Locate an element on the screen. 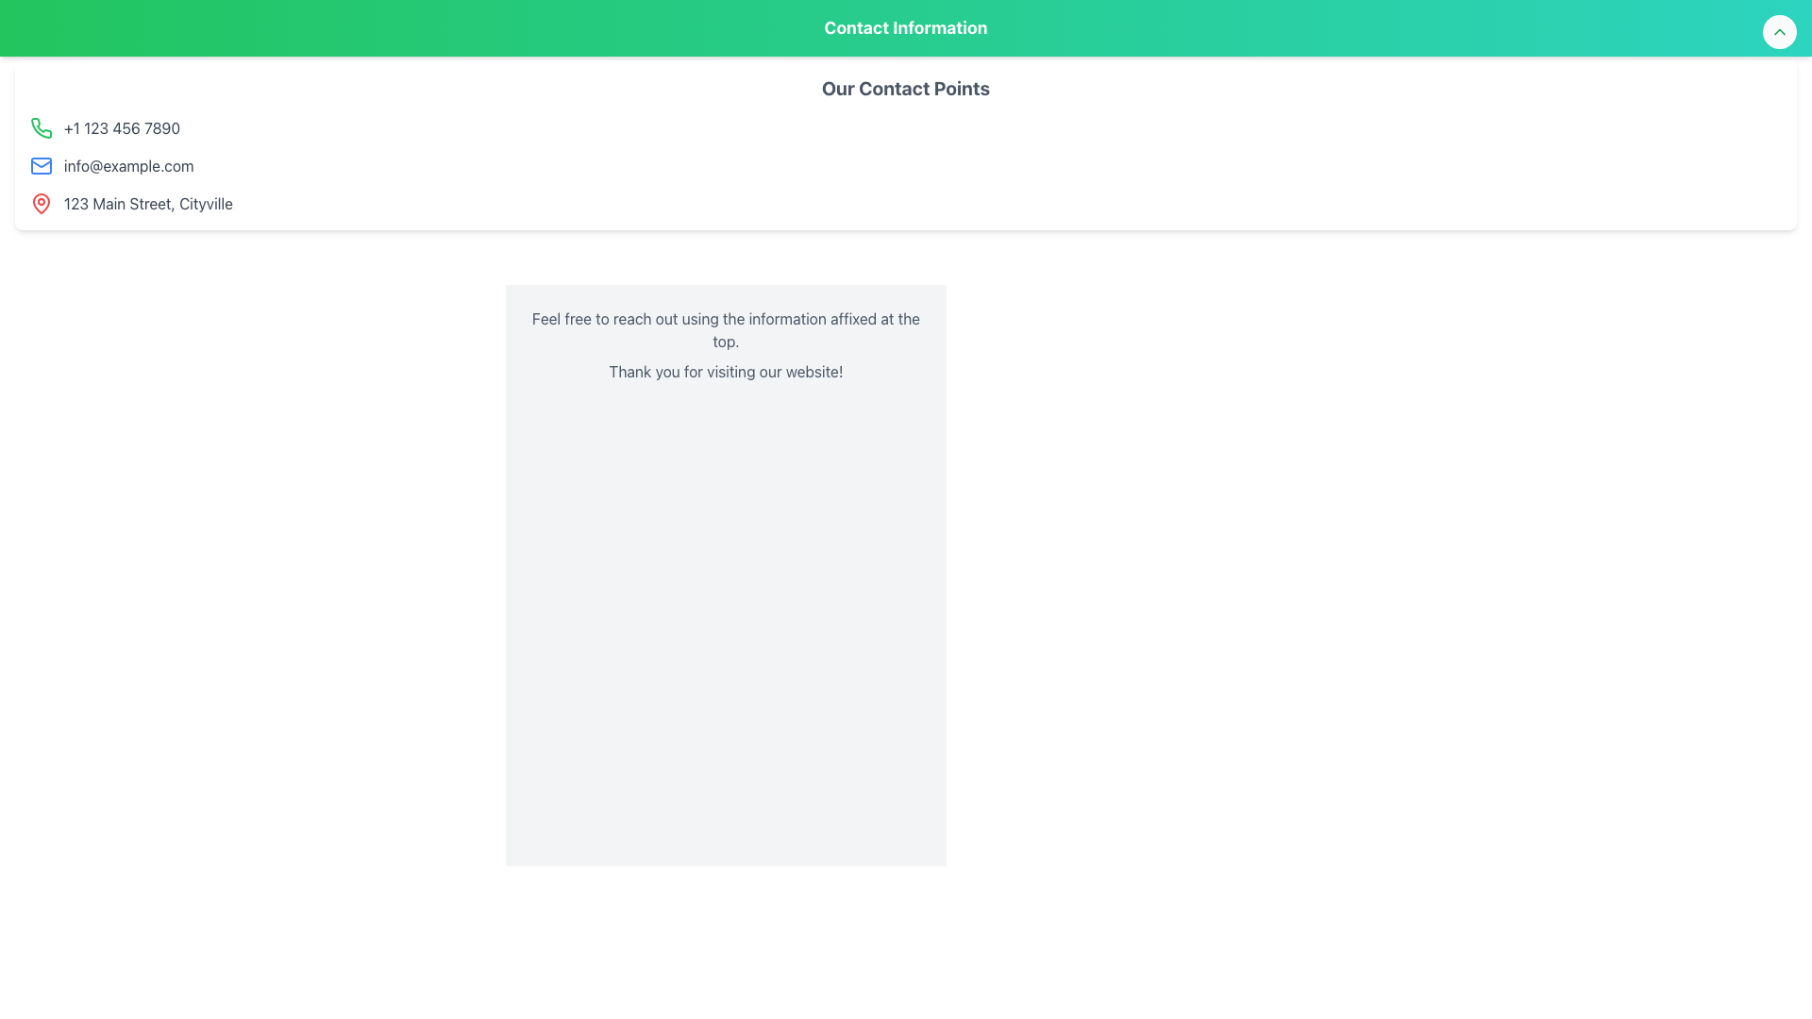 Image resolution: width=1812 pixels, height=1019 pixels. the blue rectangular decorative graphic element that represents an envelope, located at the center of the email icon in the contact options row is located at coordinates (41, 165).